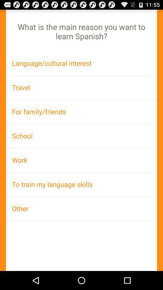  I want to click on the app above the for family/friends item, so click(81, 87).